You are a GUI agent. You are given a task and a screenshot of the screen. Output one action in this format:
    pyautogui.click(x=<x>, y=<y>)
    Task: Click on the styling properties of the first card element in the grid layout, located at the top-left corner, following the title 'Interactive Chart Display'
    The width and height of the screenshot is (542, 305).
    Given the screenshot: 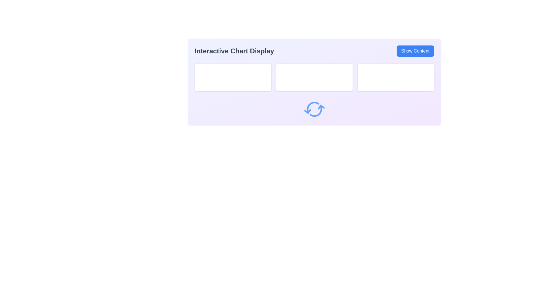 What is the action you would take?
    pyautogui.click(x=233, y=77)
    